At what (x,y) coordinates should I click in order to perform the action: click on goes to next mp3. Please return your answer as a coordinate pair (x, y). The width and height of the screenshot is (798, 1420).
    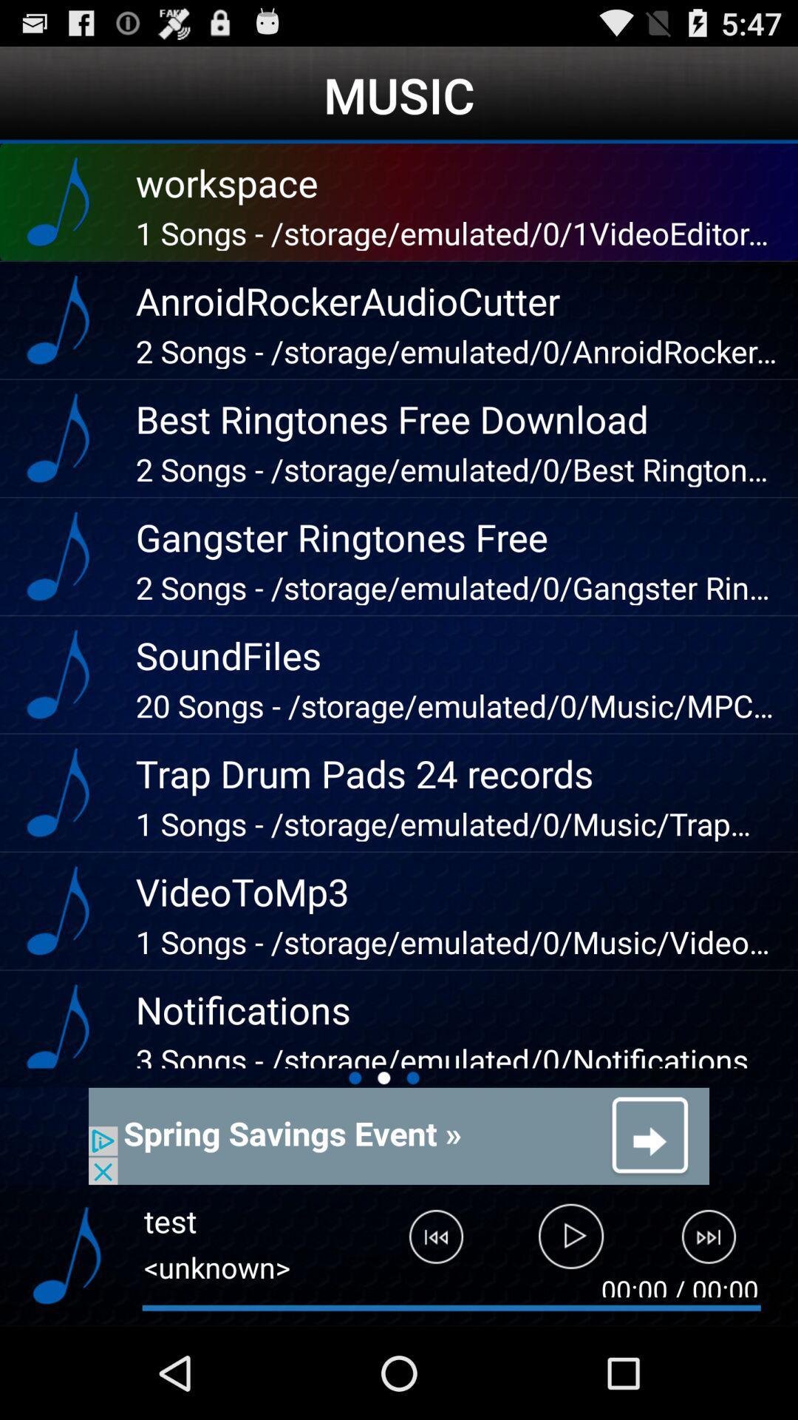
    Looking at the image, I should click on (717, 1242).